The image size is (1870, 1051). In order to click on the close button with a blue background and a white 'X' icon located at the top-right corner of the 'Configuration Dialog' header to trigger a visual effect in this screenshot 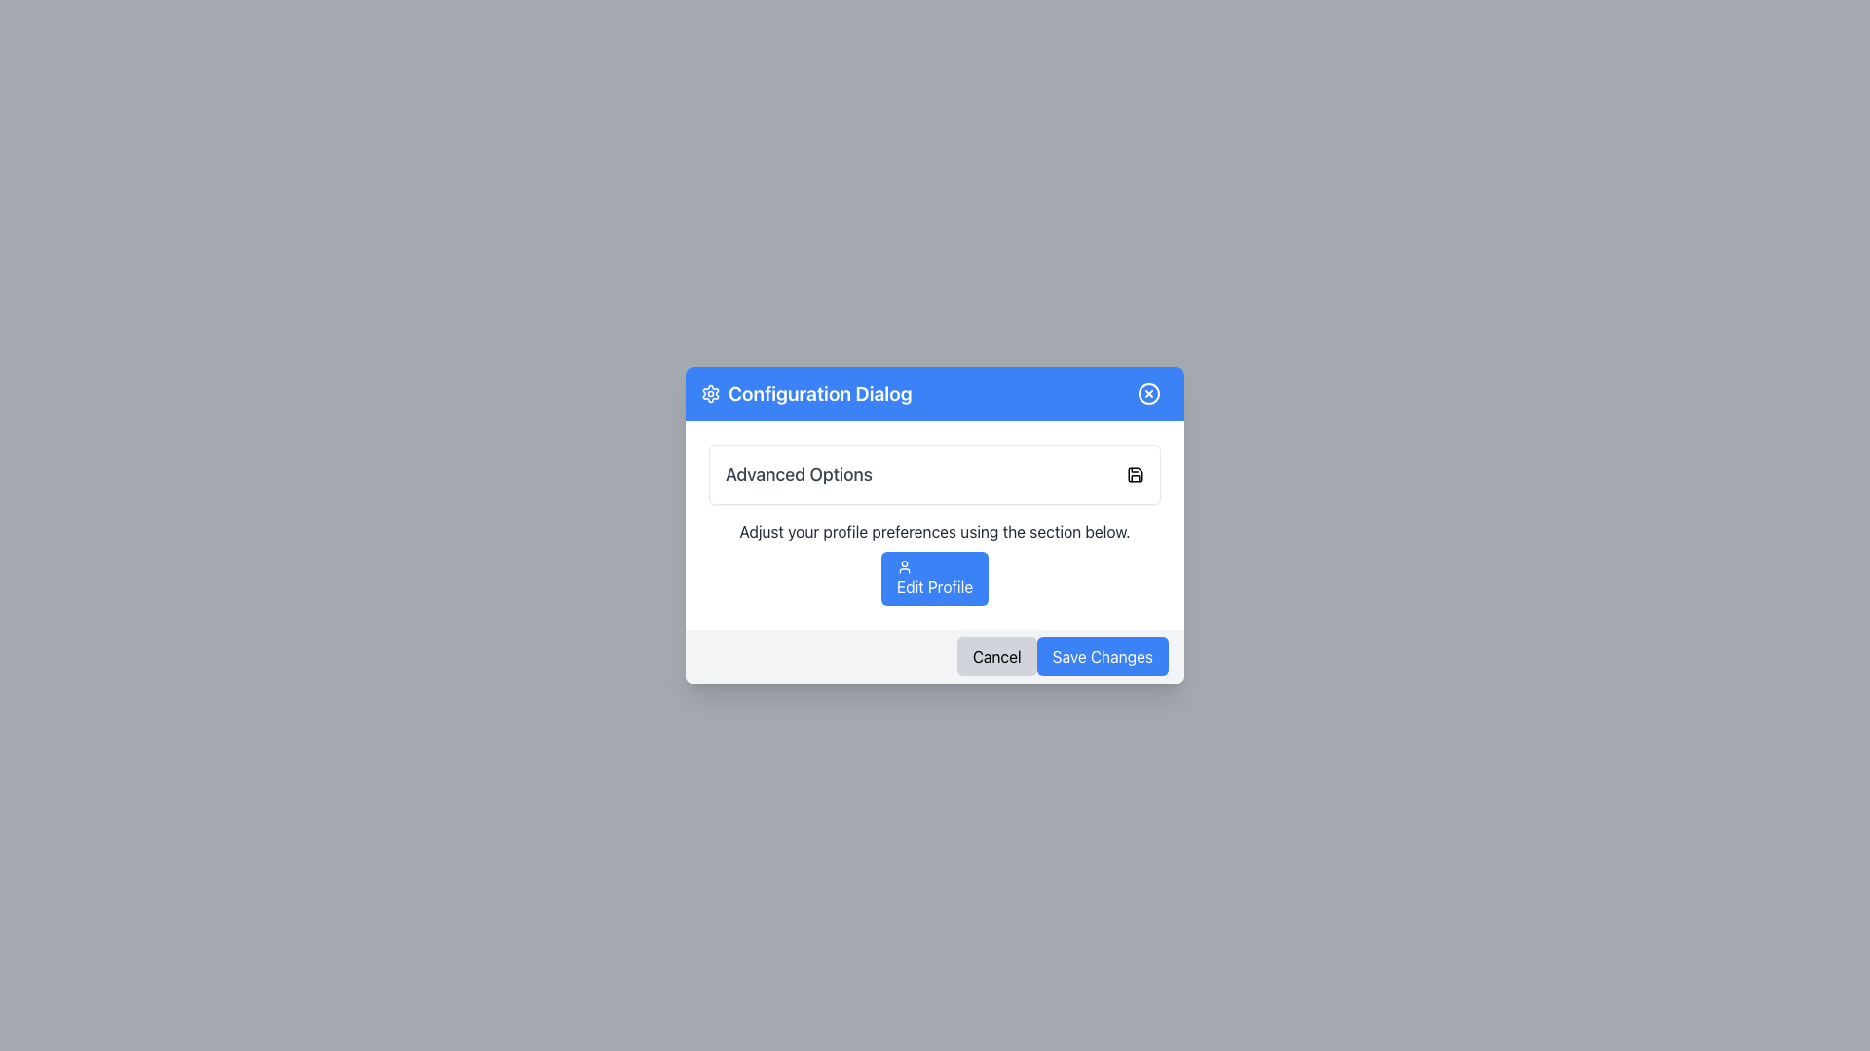, I will do `click(1149, 394)`.